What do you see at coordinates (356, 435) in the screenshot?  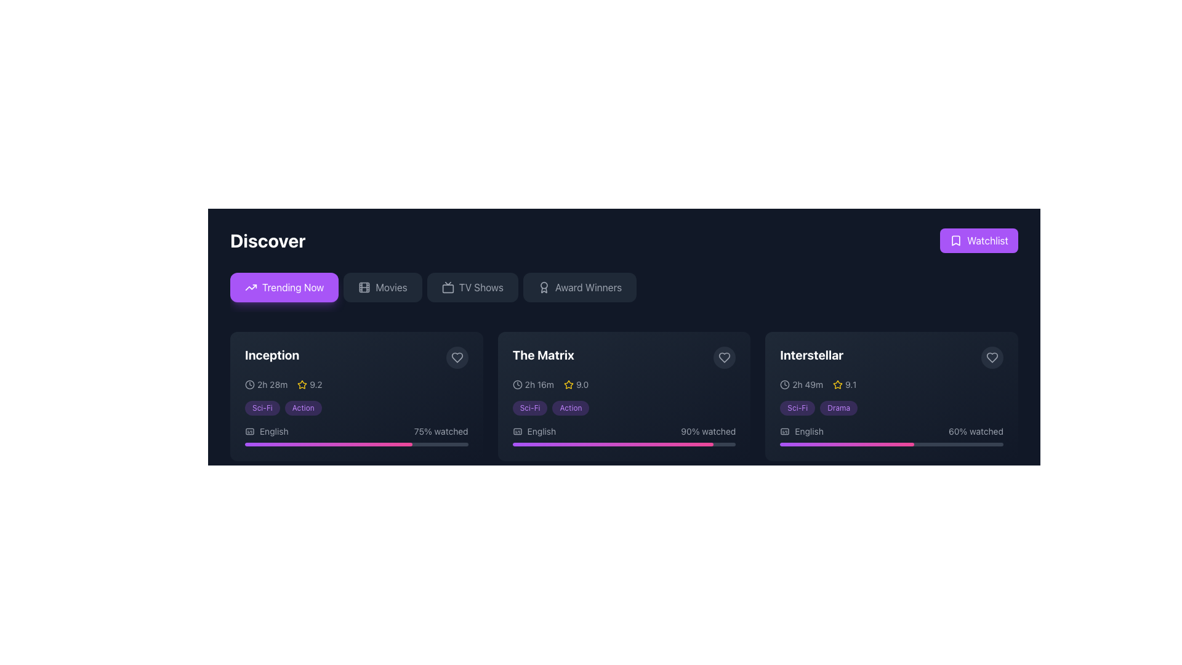 I see `the progress display for the movie 'Inception' which shows '75% watched' and the language 'English'` at bounding box center [356, 435].